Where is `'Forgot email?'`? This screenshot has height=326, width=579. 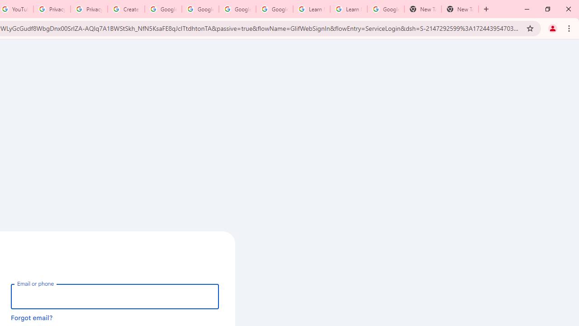 'Forgot email?' is located at coordinates (32, 317).